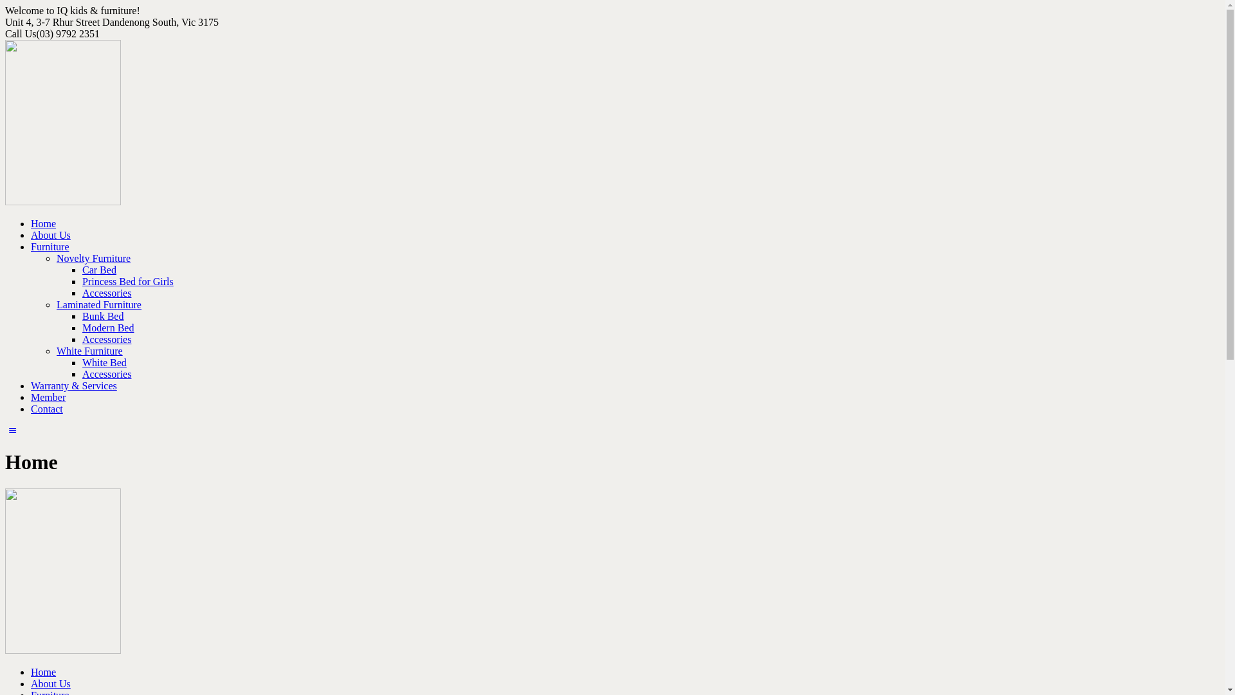  What do you see at coordinates (82, 281) in the screenshot?
I see `'Princess Bed for Girls'` at bounding box center [82, 281].